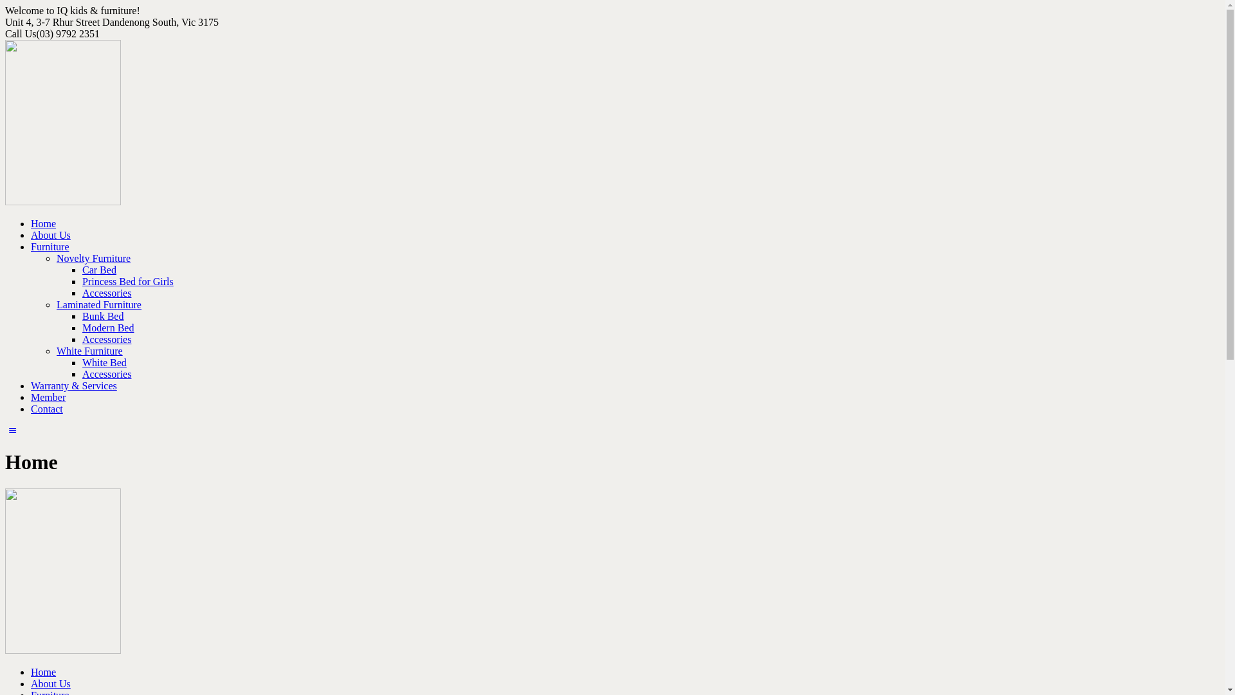  What do you see at coordinates (82, 281) in the screenshot?
I see `'Princess Bed for Girls'` at bounding box center [82, 281].